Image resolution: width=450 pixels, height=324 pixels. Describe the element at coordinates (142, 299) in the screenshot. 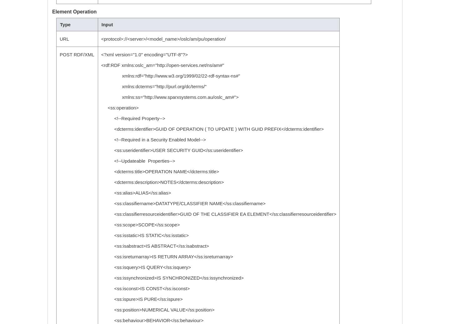

I see `'<ss:ispure>IS PURE</ss:ispure>'` at that location.